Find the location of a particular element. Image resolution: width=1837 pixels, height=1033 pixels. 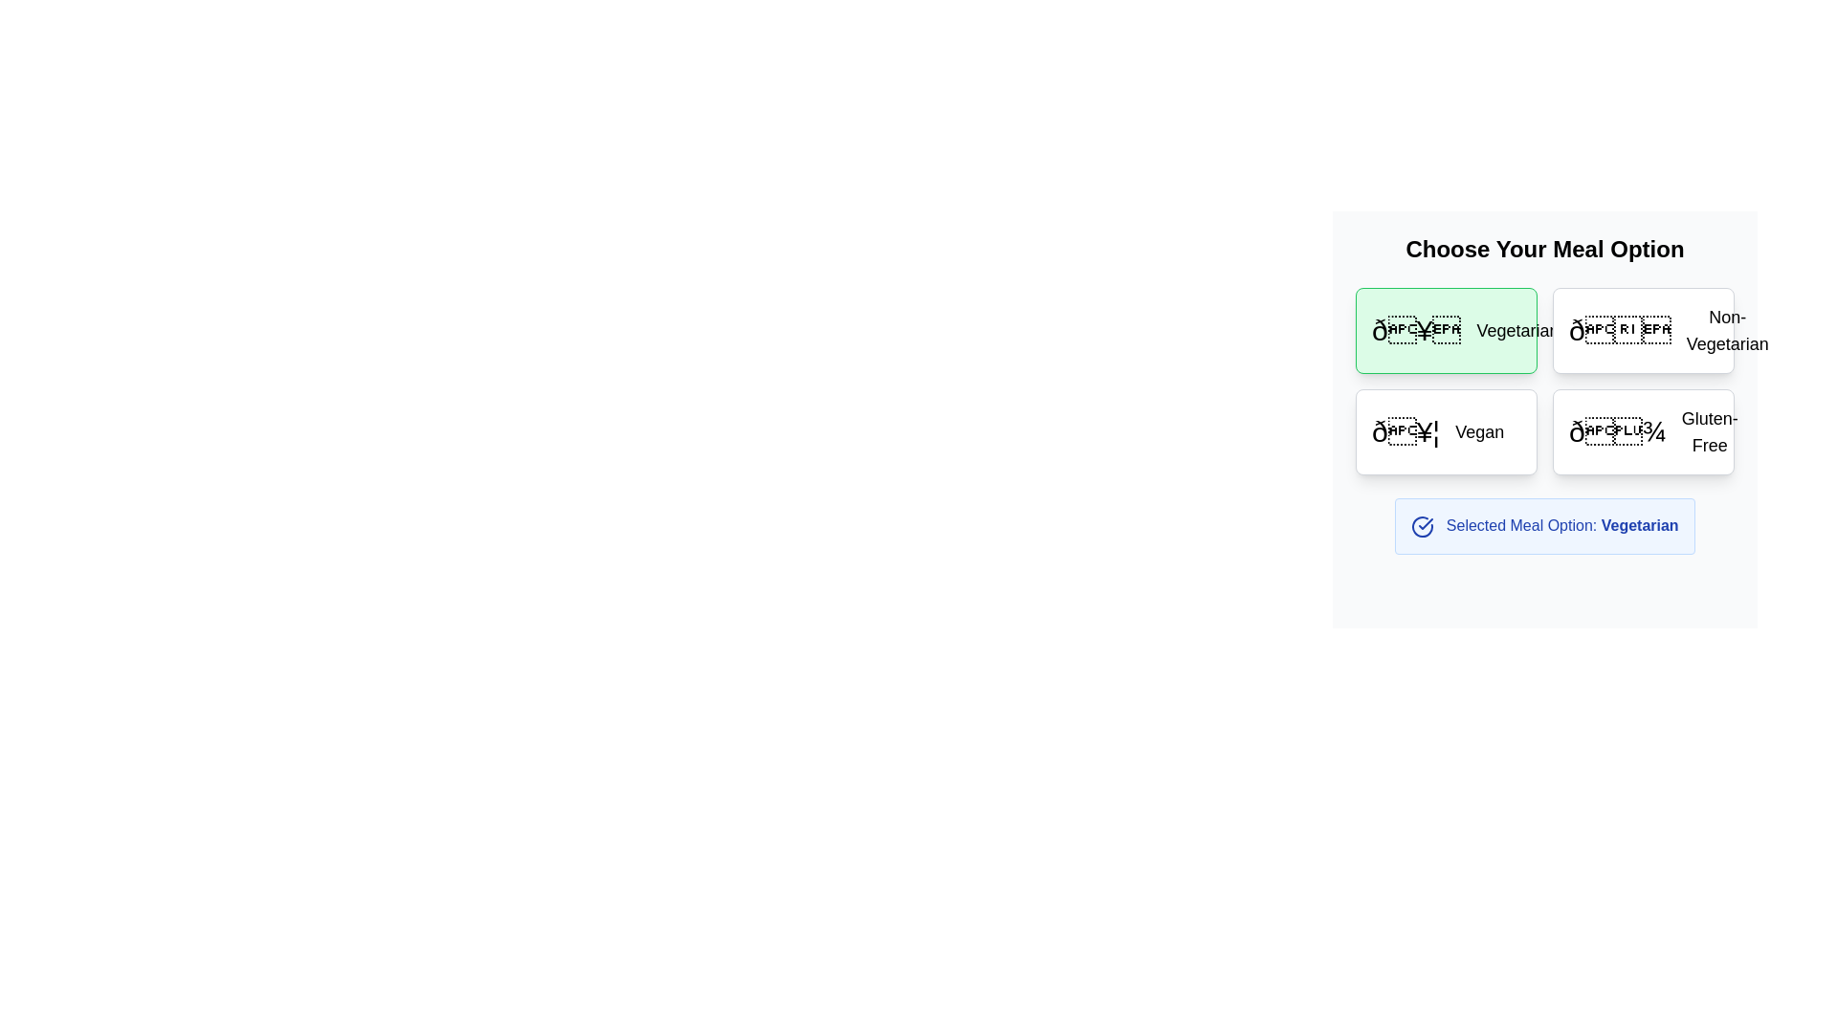

text of the label indicating the currently selected meal type, located within the 'Selected Meal Option' section below the grid of meal options is located at coordinates (1639, 525).